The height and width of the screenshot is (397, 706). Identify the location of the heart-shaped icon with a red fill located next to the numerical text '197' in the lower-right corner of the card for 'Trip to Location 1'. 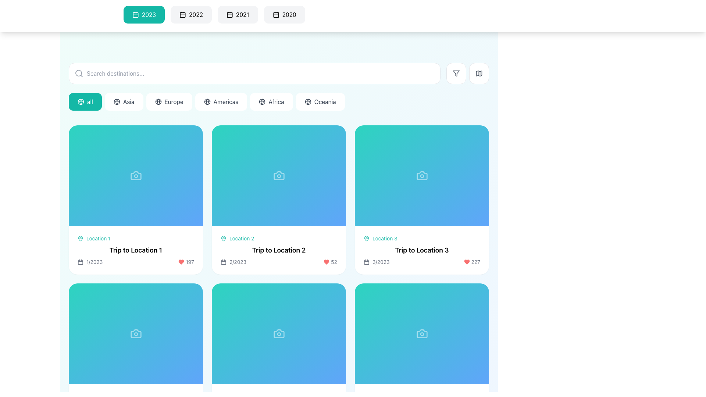
(181, 261).